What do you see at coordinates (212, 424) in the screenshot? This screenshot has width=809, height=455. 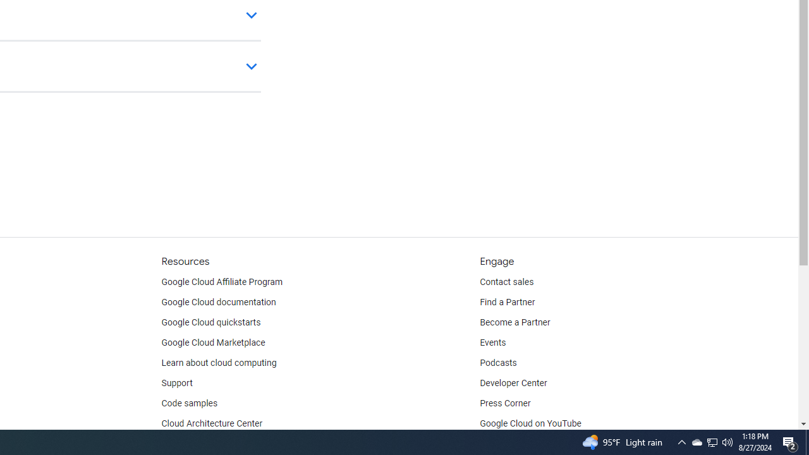 I see `'Cloud Architecture Center'` at bounding box center [212, 424].